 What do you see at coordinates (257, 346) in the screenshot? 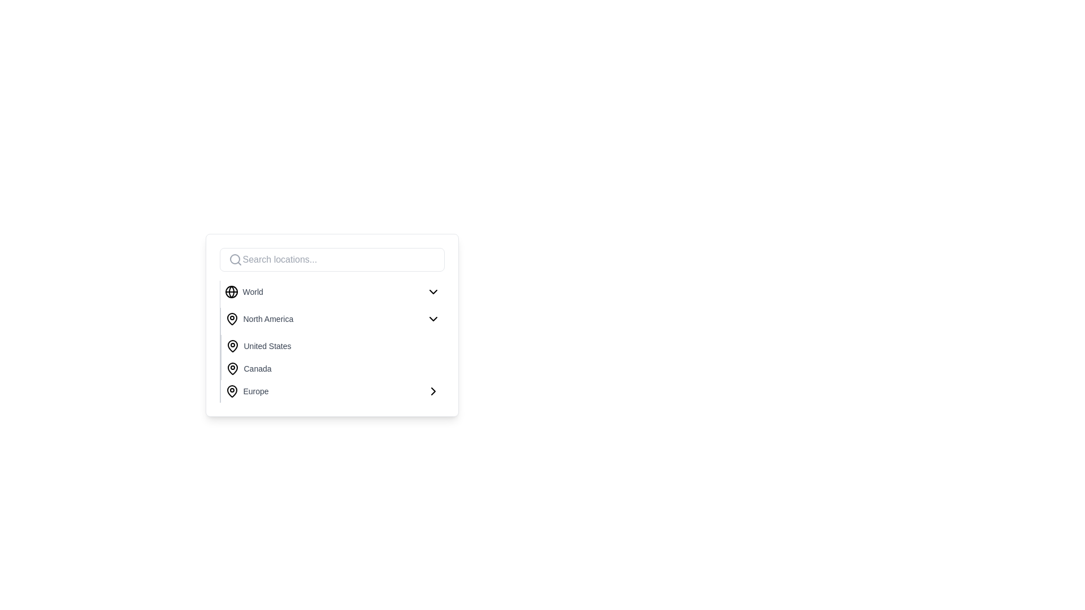
I see `the selectable list item labeled 'United States'` at bounding box center [257, 346].